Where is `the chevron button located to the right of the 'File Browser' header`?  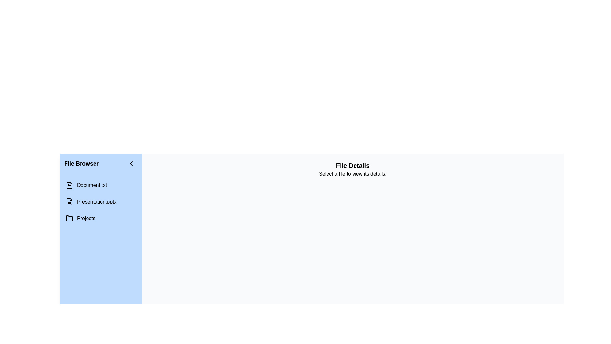
the chevron button located to the right of the 'File Browser' header is located at coordinates (131, 163).